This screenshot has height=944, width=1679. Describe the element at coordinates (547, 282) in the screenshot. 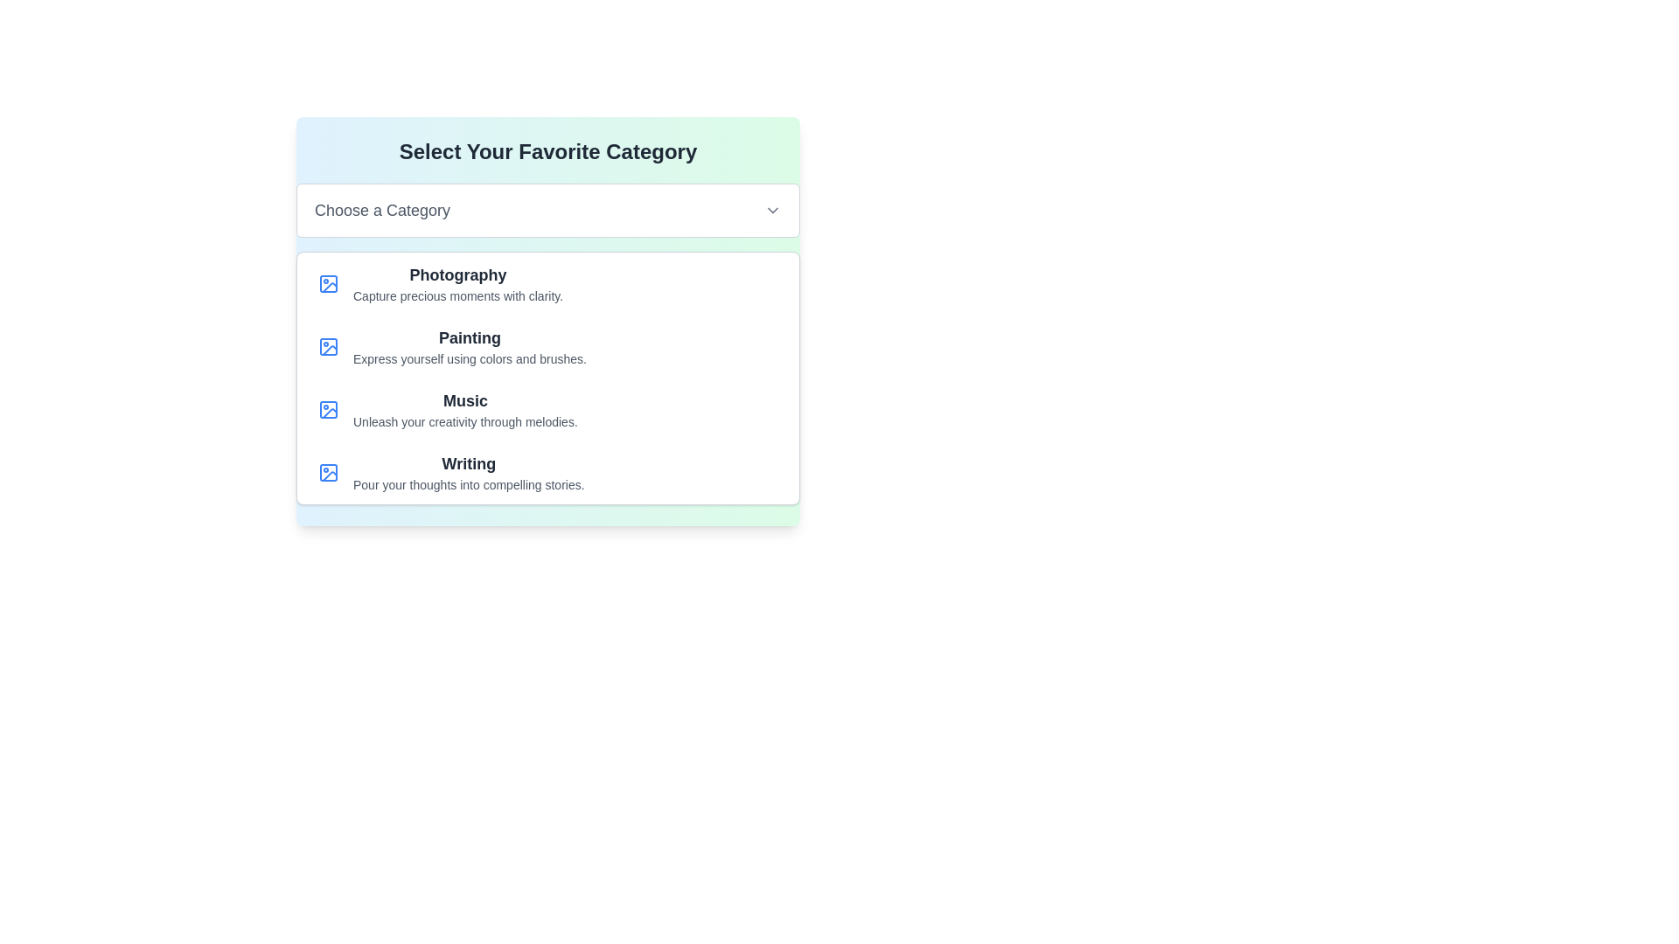

I see `the 'Photography' category list item, which is the first item in the list within a white card interface` at that location.